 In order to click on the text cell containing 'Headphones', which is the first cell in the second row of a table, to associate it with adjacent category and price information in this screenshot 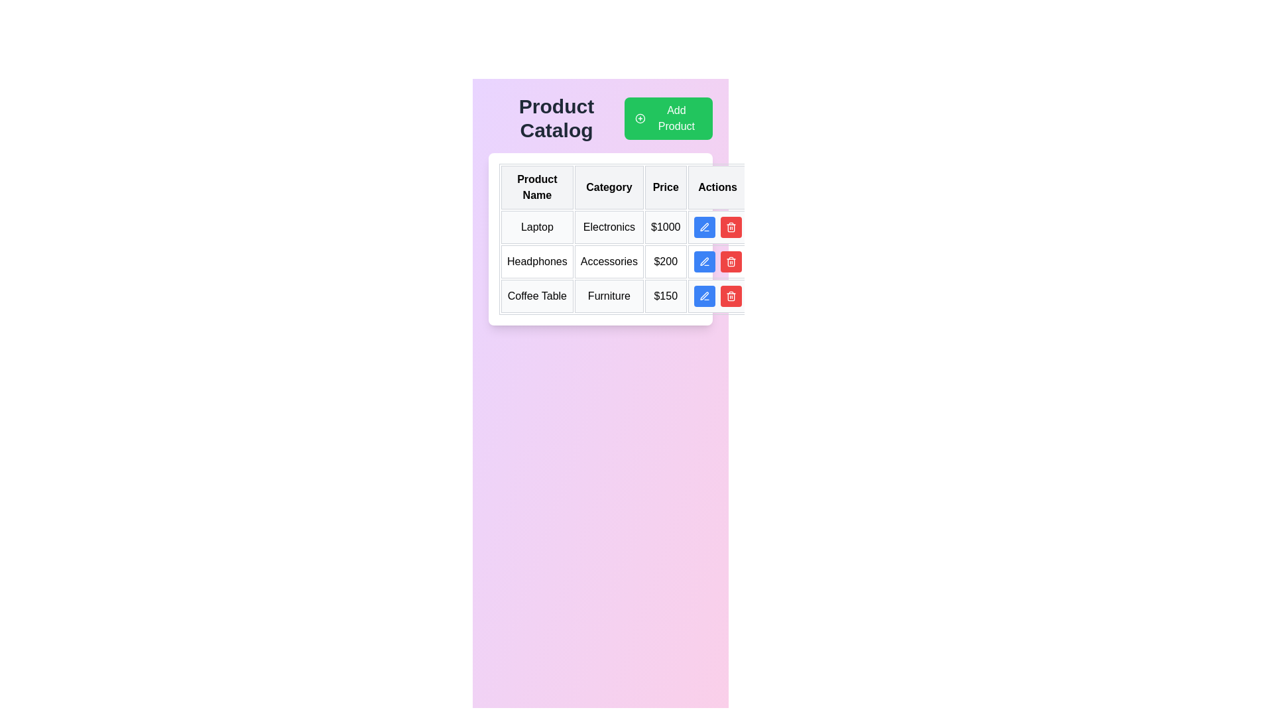, I will do `click(537, 261)`.